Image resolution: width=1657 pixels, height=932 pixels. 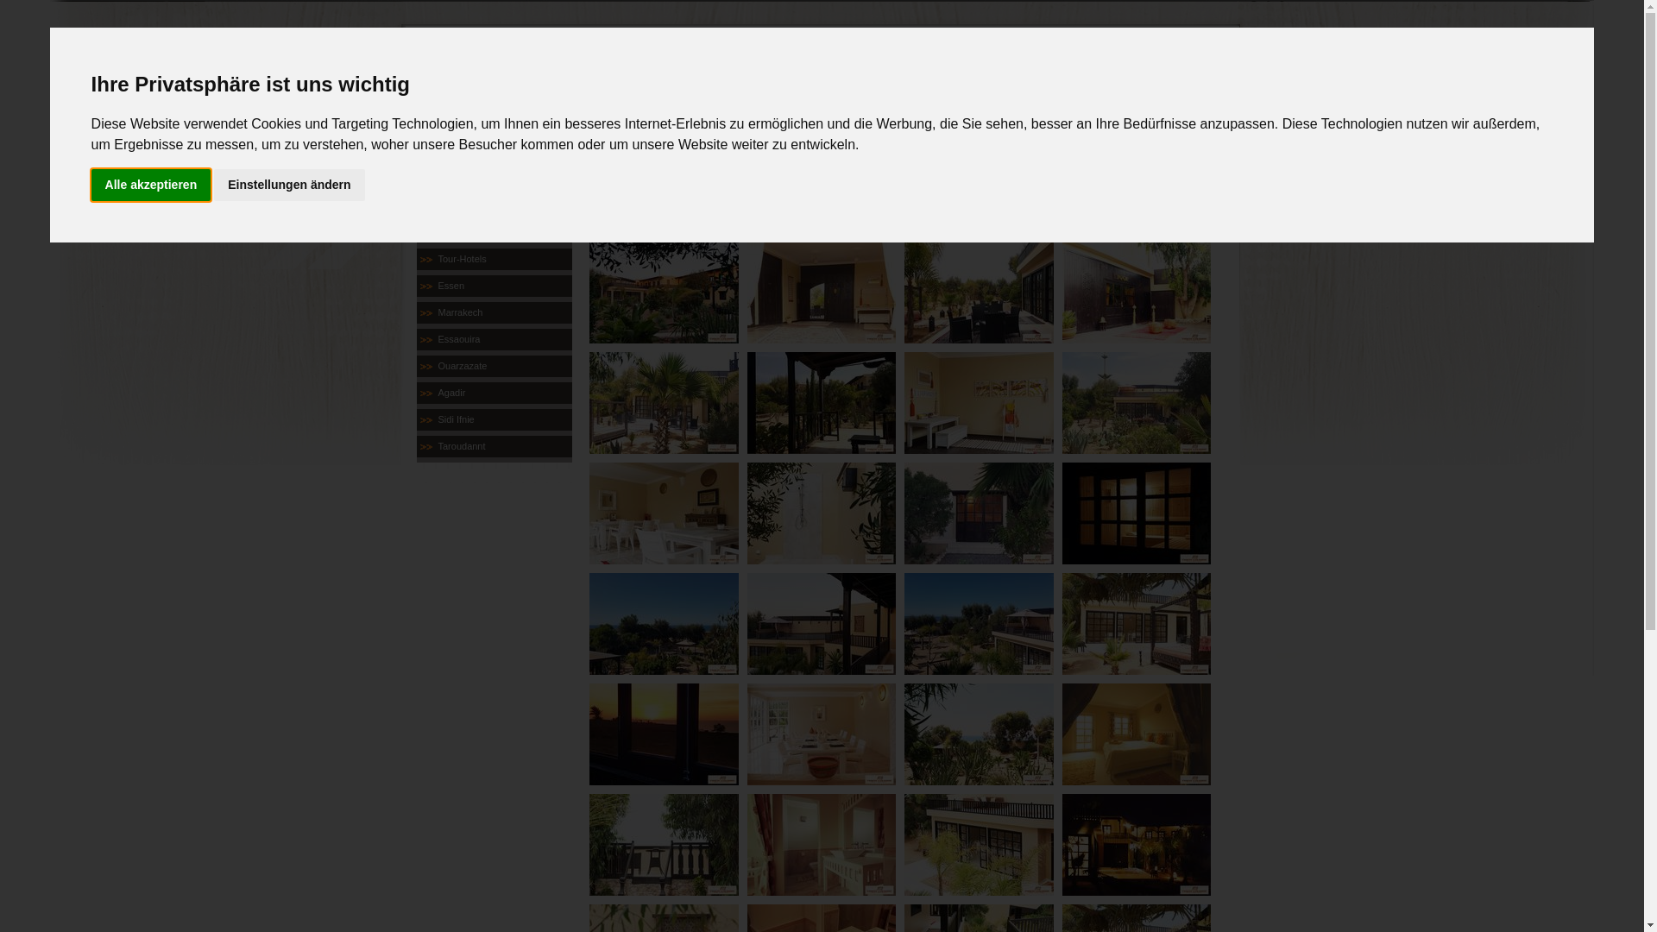 I want to click on 'Agadir', so click(x=492, y=393).